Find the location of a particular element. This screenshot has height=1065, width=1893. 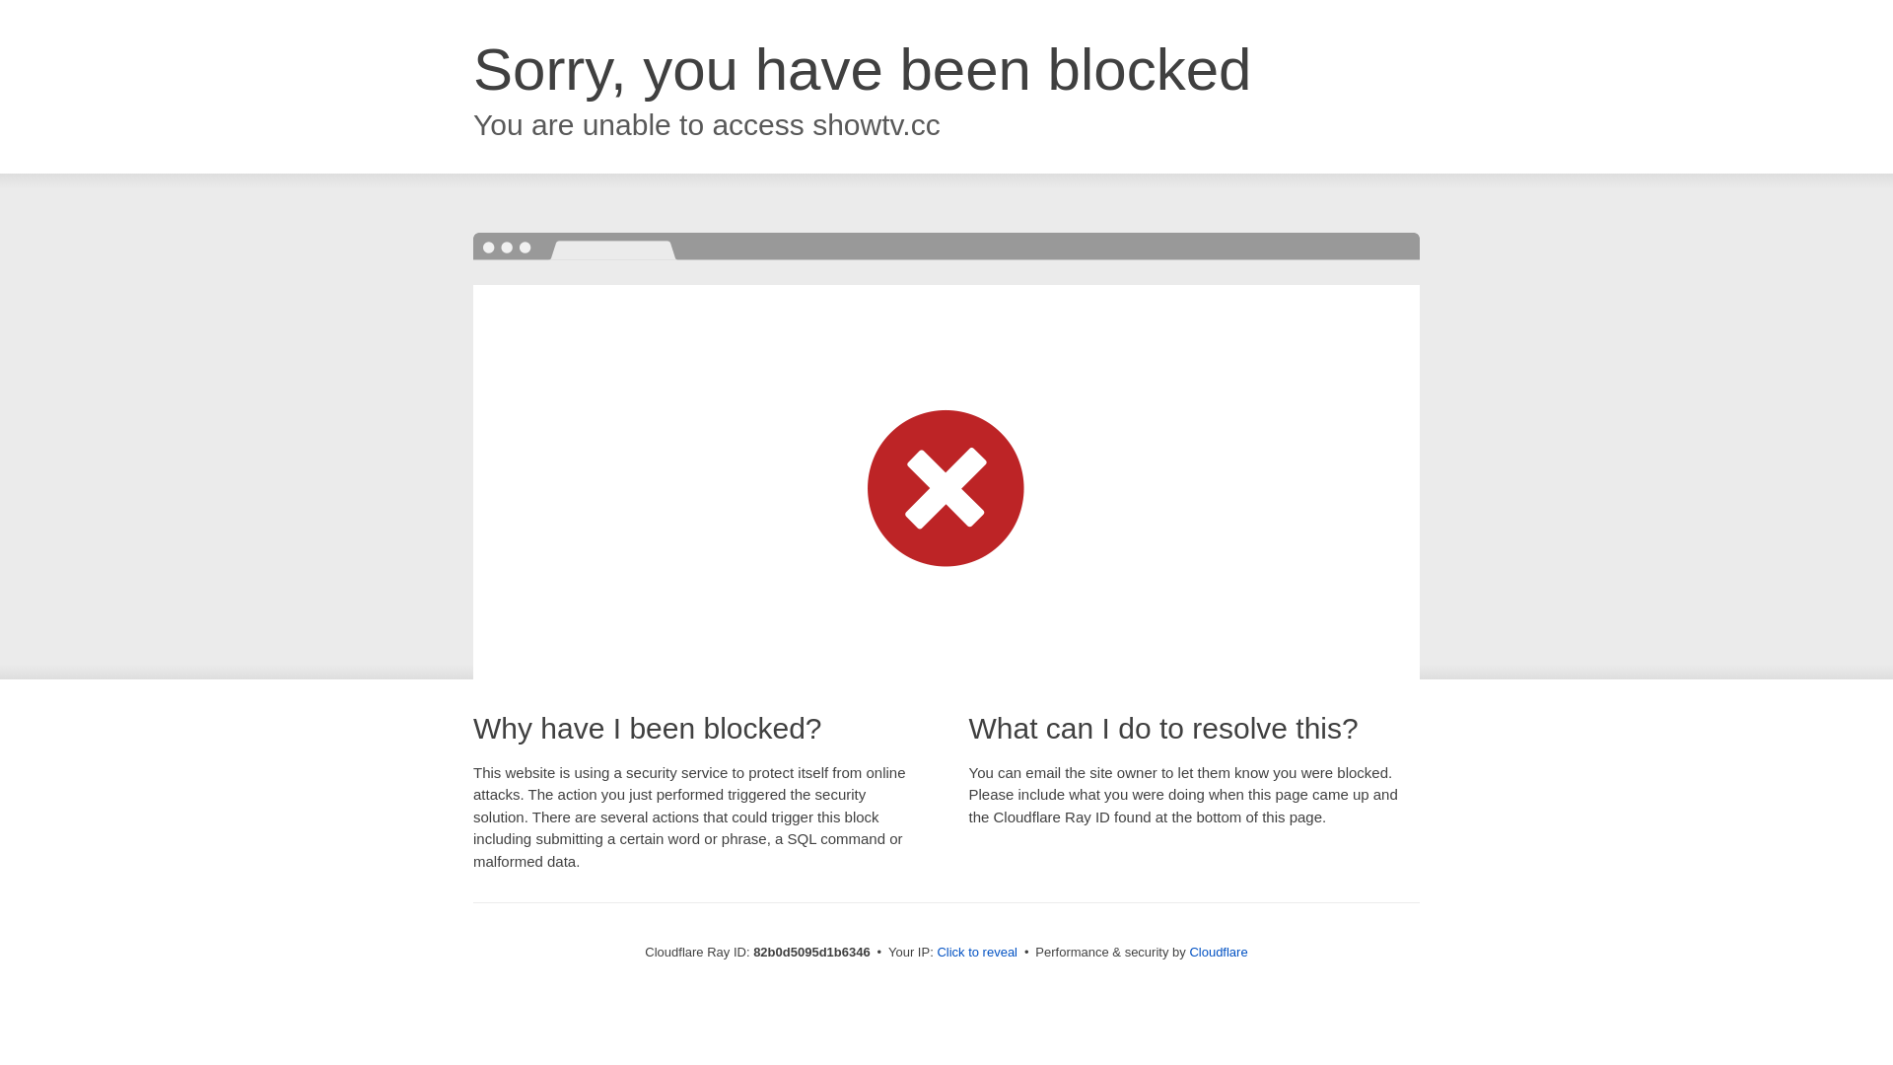

'Click to reveal' is located at coordinates (976, 951).